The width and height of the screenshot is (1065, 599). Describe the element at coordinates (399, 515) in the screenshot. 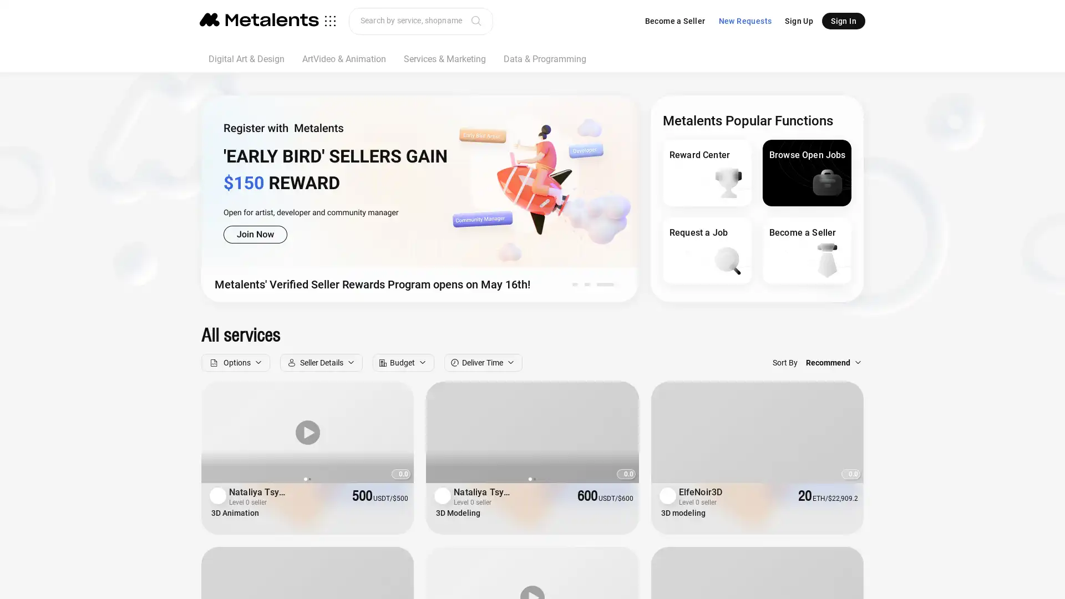

I see `UnLike` at that location.